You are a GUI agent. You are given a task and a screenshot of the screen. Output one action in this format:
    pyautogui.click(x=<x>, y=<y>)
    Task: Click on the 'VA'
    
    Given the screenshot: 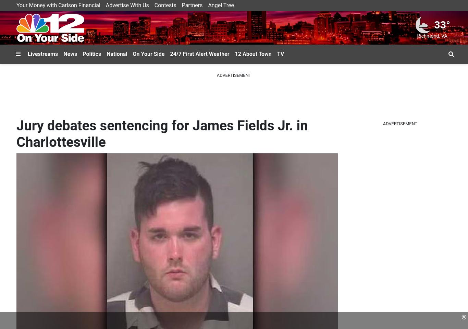 What is the action you would take?
    pyautogui.click(x=444, y=36)
    